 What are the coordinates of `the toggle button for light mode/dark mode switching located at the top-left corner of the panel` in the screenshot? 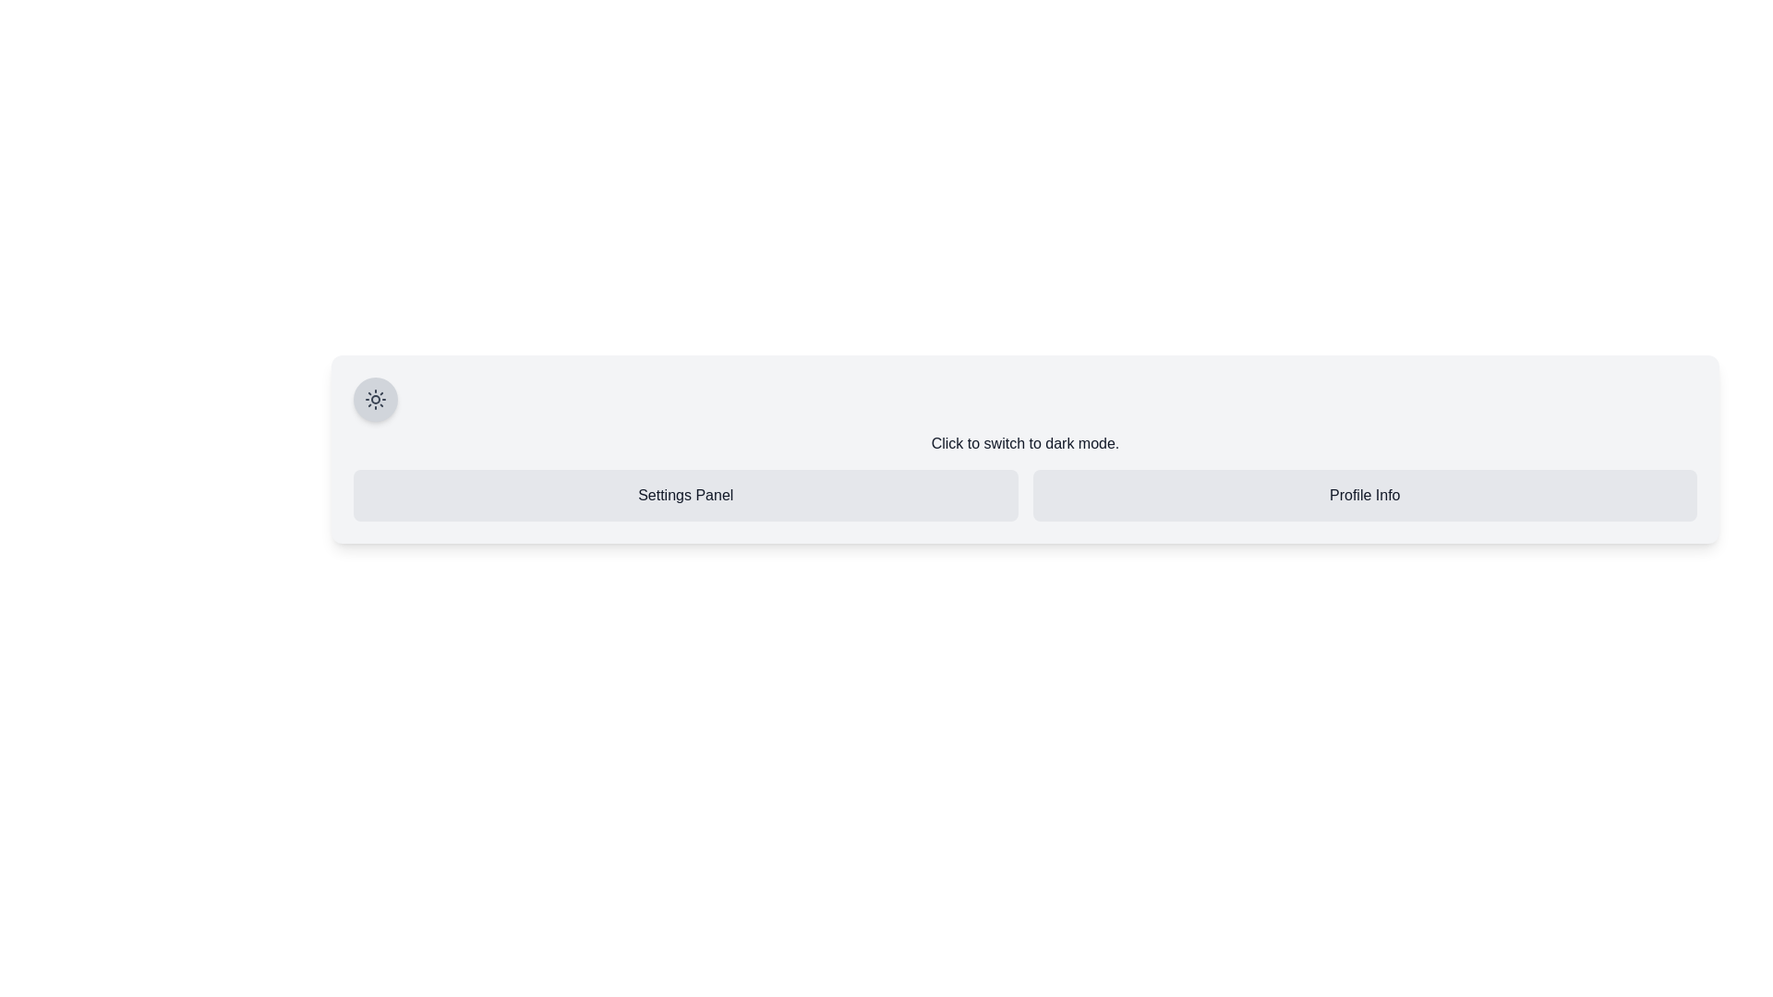 It's located at (375, 398).